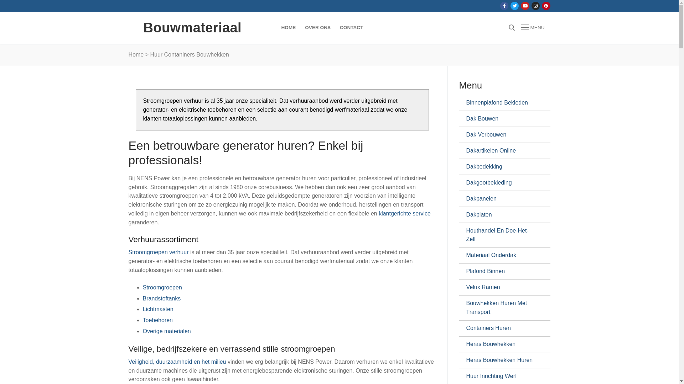 This screenshot has width=684, height=384. Describe the element at coordinates (501, 308) in the screenshot. I see `'Bouwhekken Huren Met Transport'` at that location.